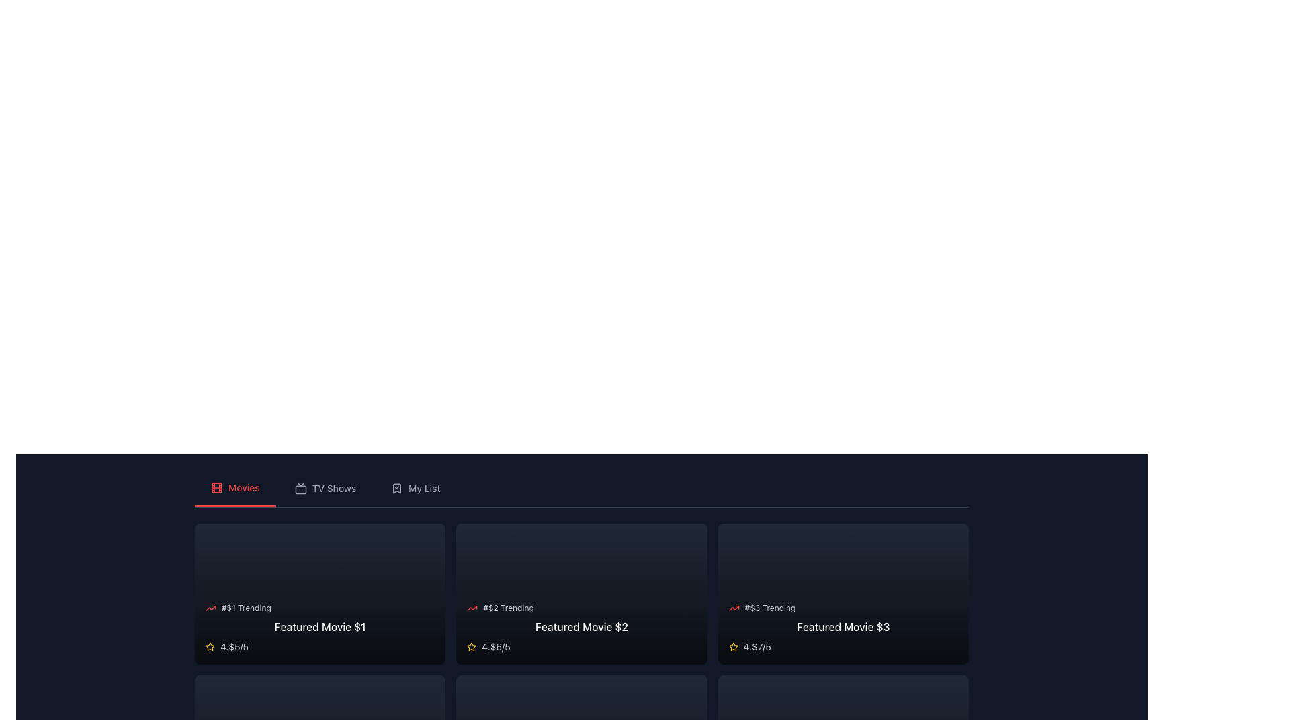 This screenshot has width=1290, height=725. What do you see at coordinates (319, 608) in the screenshot?
I see `text label '#$1 Trending' with the upward trending graph icon for additional information` at bounding box center [319, 608].